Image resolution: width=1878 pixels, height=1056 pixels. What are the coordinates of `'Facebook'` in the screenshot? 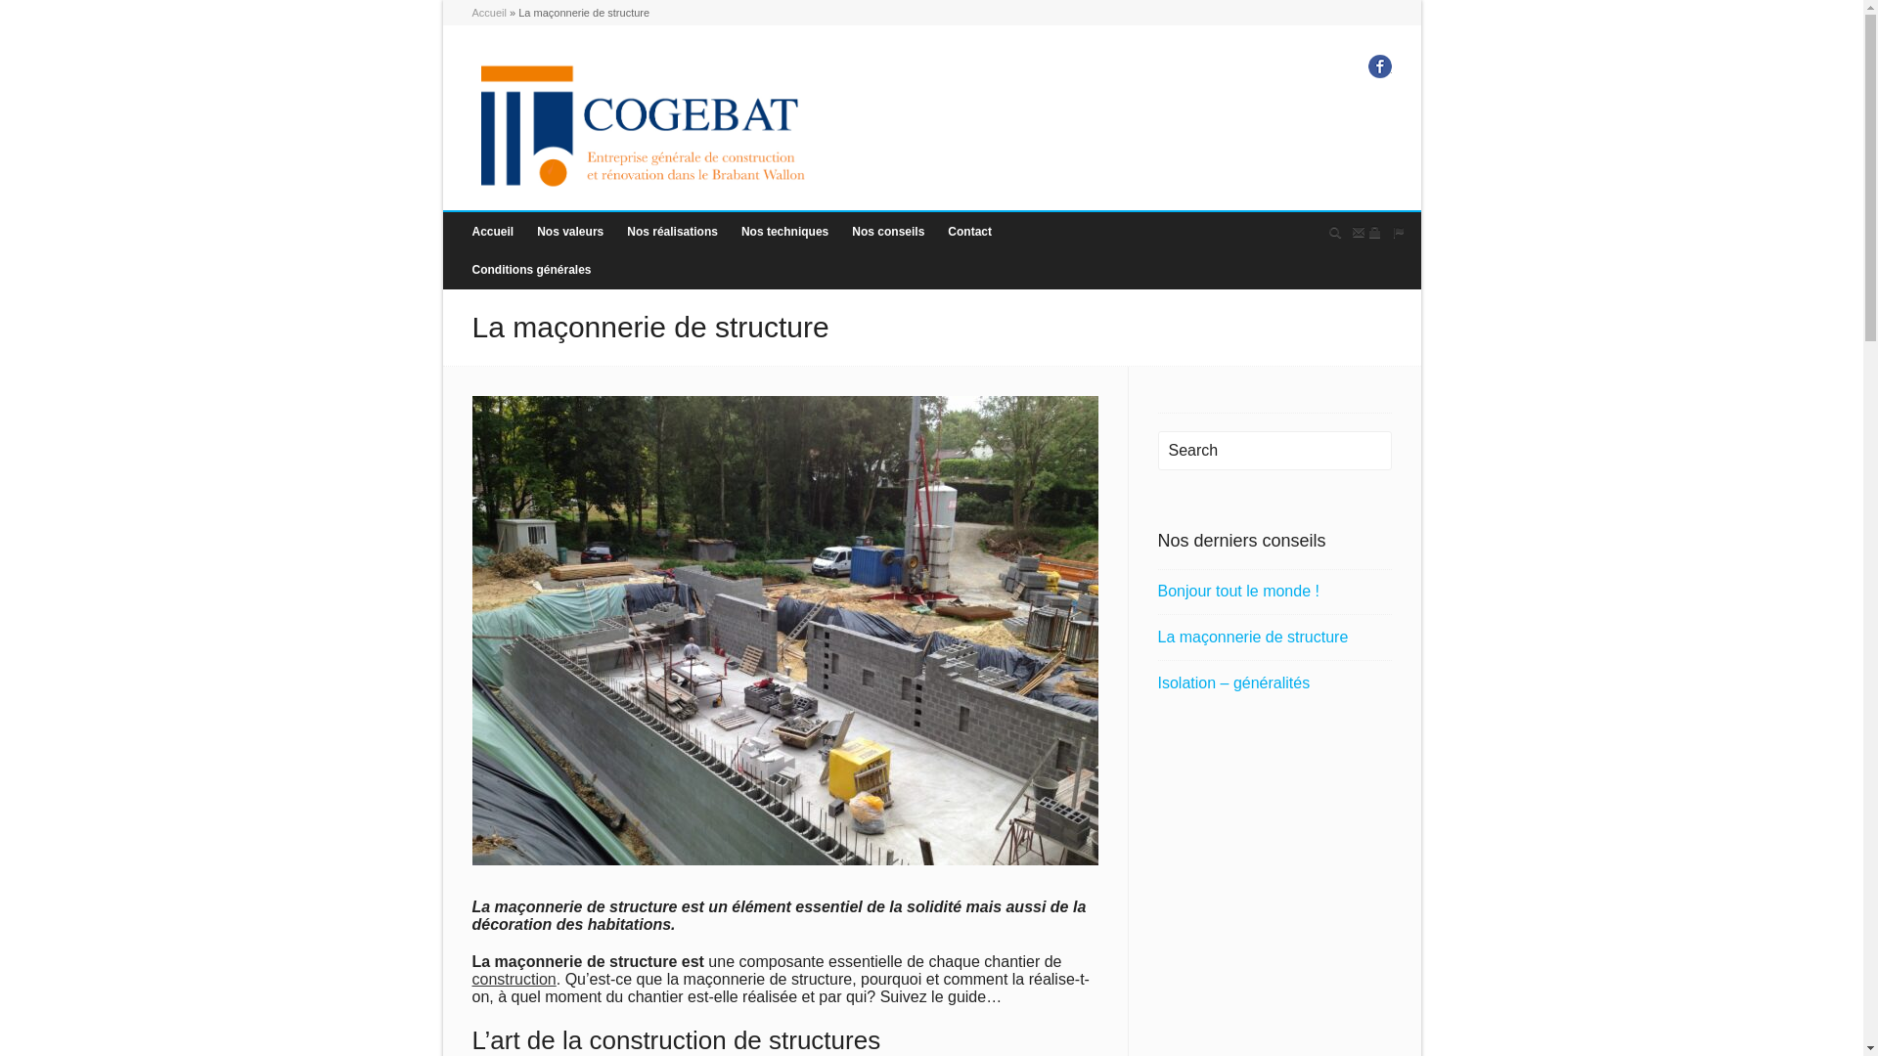 It's located at (1378, 66).